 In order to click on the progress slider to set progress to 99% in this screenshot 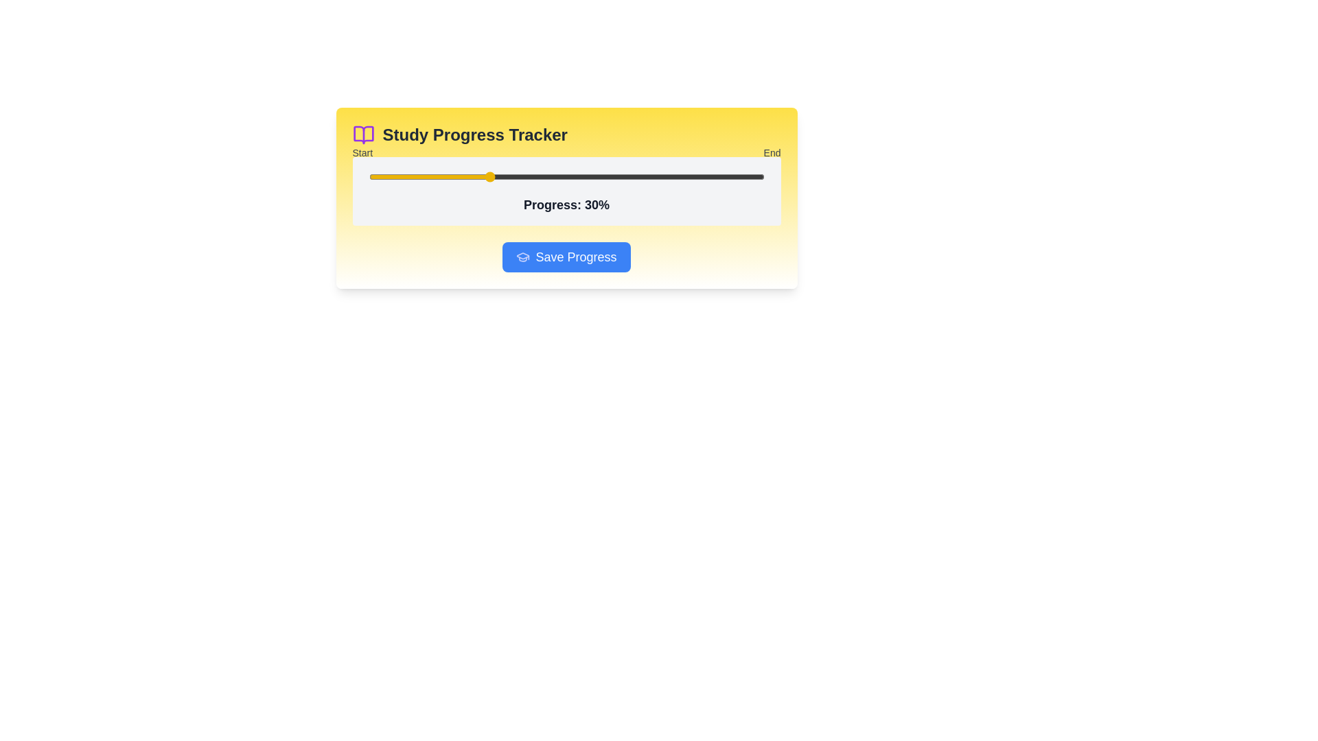, I will do `click(759, 176)`.